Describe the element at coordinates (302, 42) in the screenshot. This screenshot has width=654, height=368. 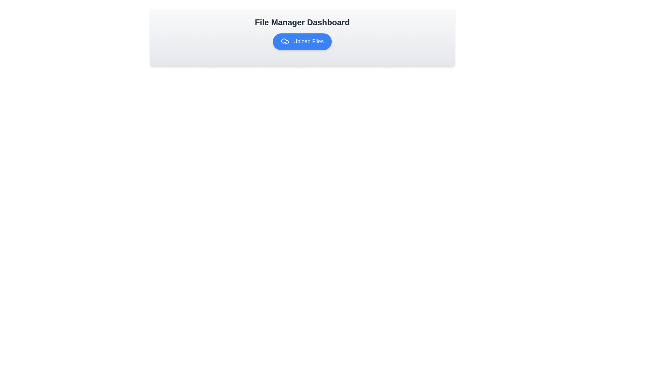
I see `the interactive file upload button located below the 'File Manager Dashboard' heading to change its visual state` at that location.